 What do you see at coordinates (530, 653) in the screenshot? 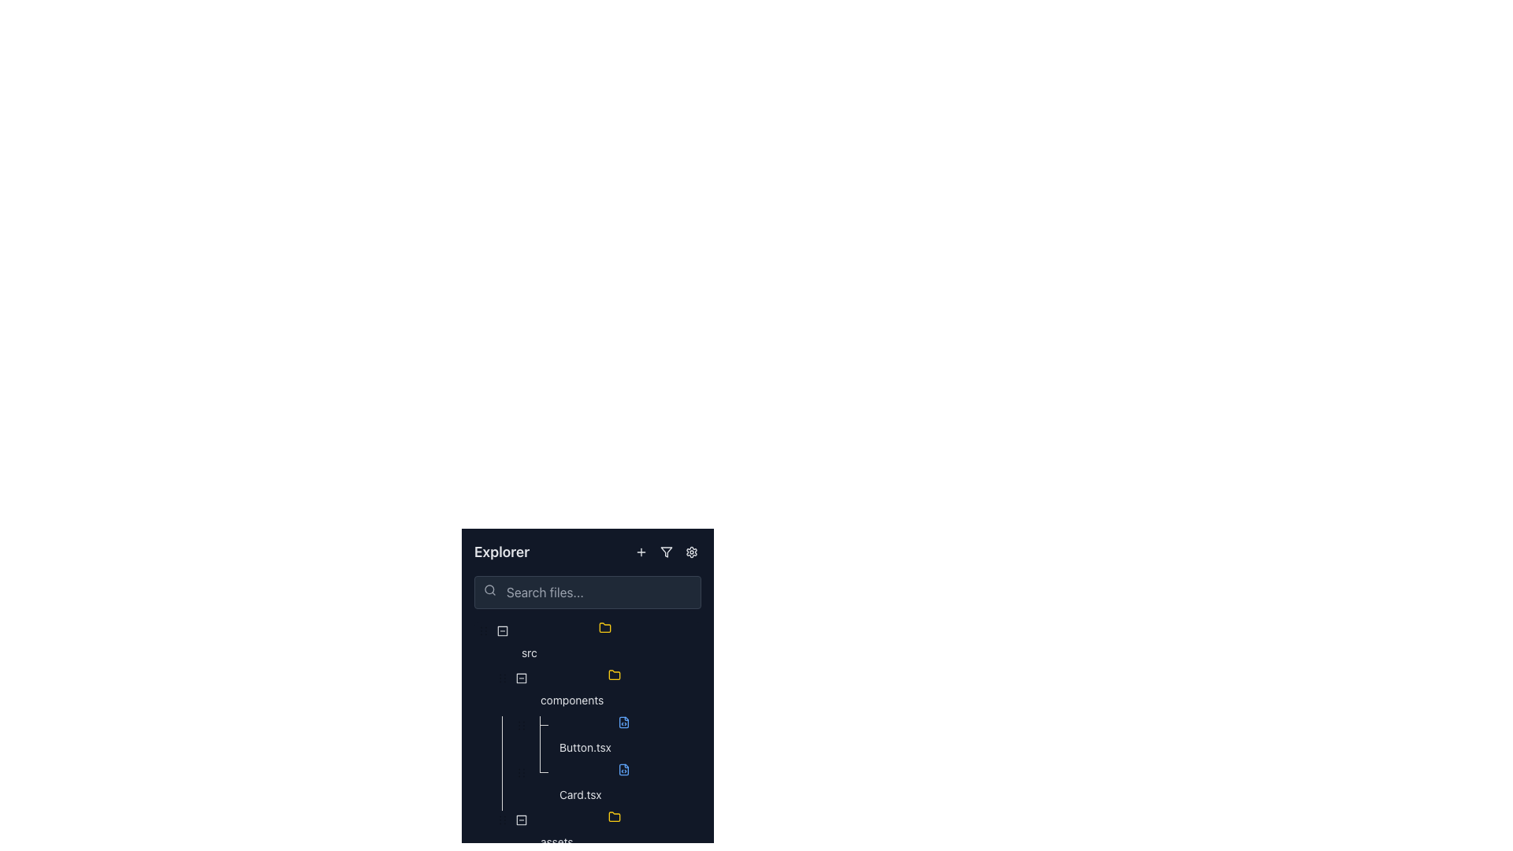
I see `the 'src' text label in the Explorer section` at bounding box center [530, 653].